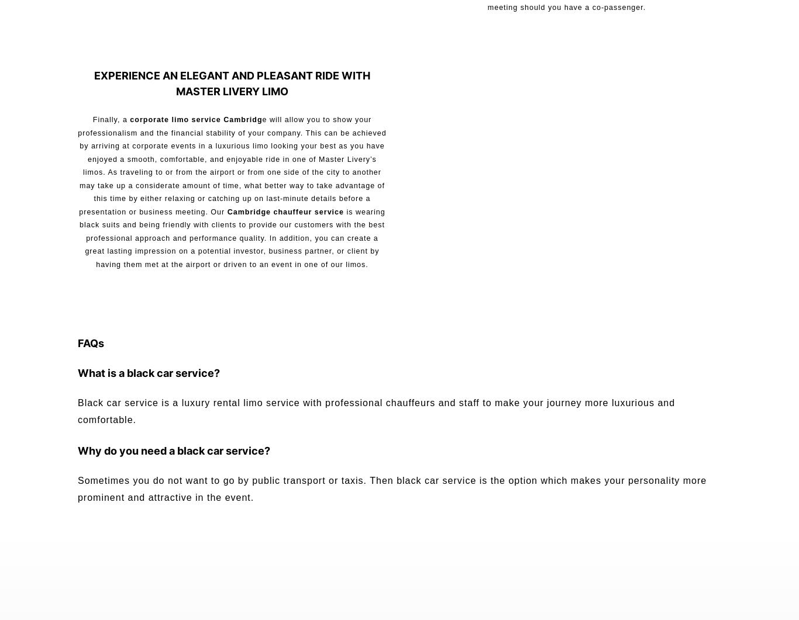  What do you see at coordinates (391, 488) in the screenshot?
I see `'Sometimes you do not want to go by public transport or taxis. Then black car service is the option which makes your personality more prominent and attractive in the event.'` at bounding box center [391, 488].